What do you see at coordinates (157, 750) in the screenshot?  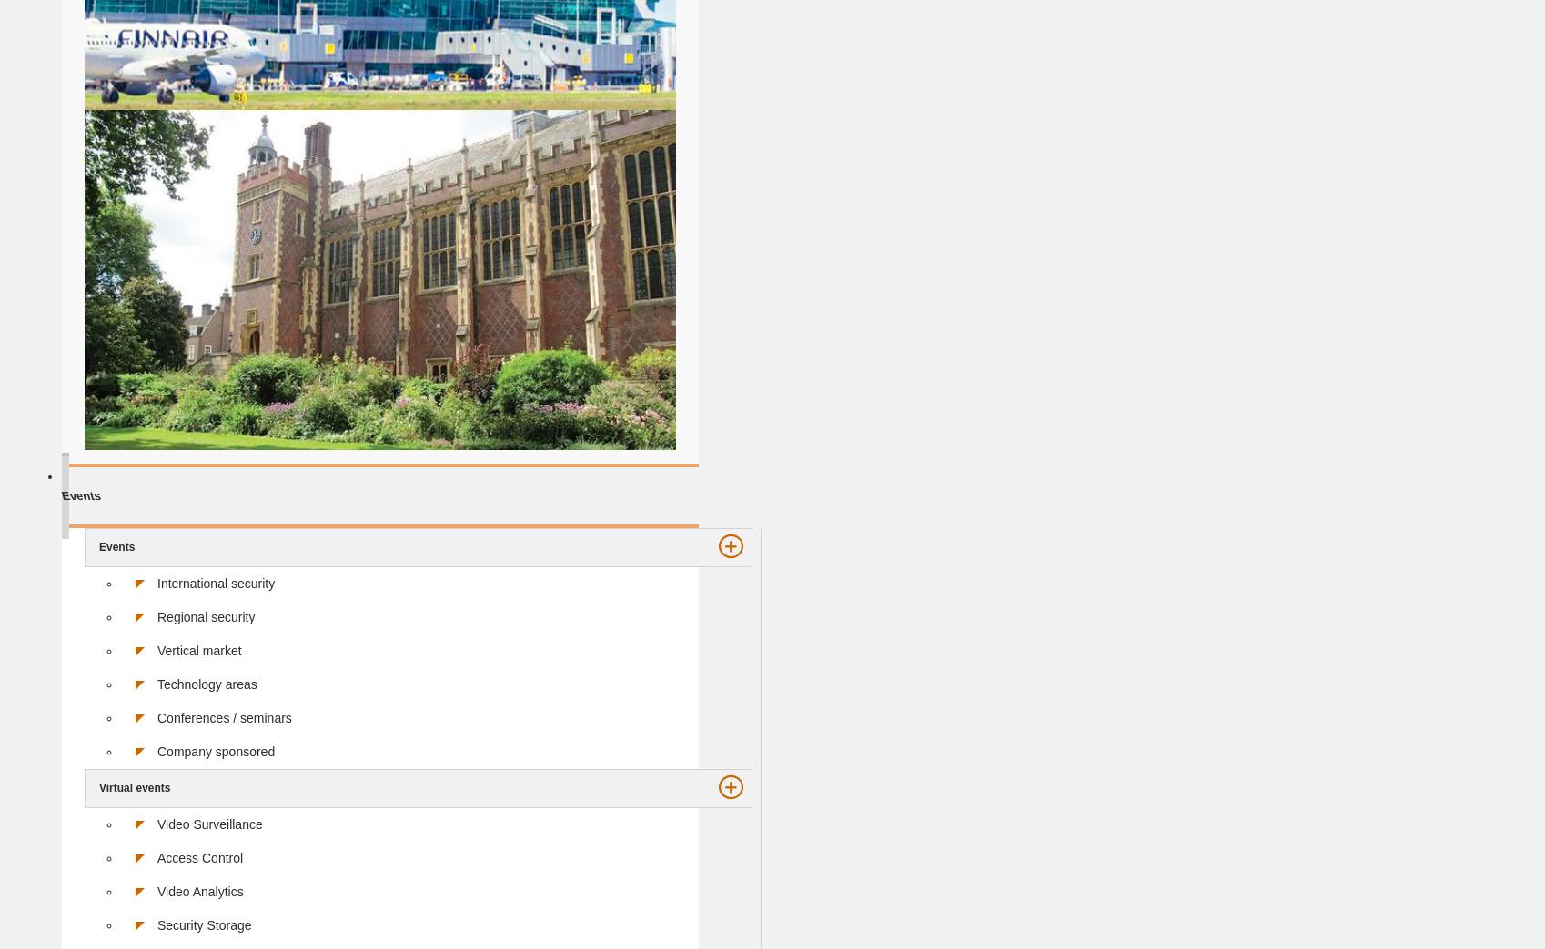 I see `'Company sponsored'` at bounding box center [157, 750].